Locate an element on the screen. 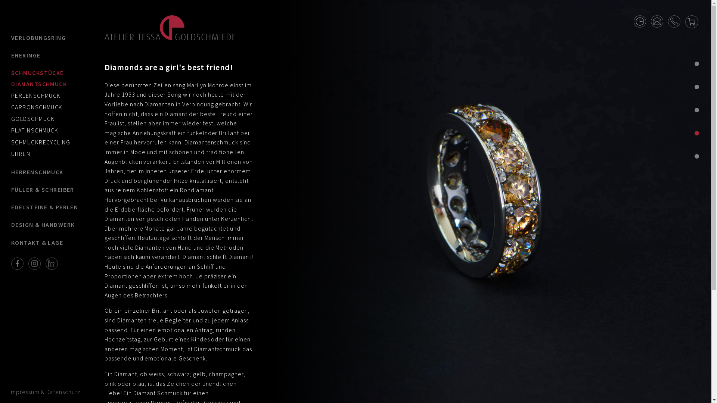  'VERLOBUNGSRING' is located at coordinates (45, 38).